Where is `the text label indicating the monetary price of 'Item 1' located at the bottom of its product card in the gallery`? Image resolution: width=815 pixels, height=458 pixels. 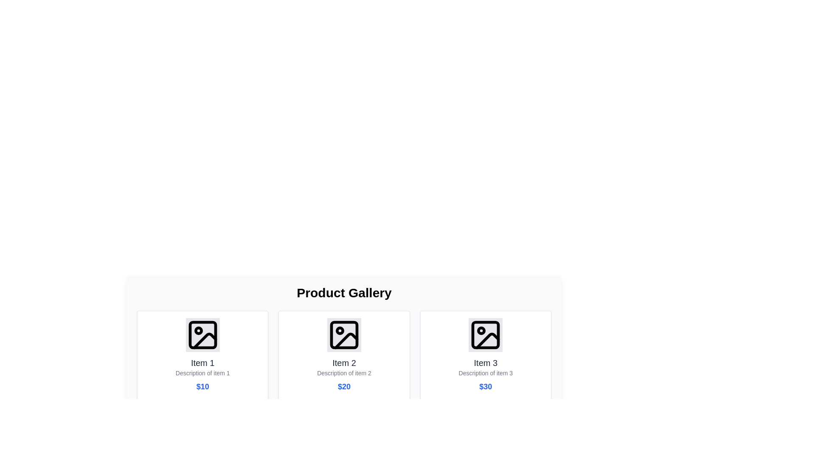
the text label indicating the monetary price of 'Item 1' located at the bottom of its product card in the gallery is located at coordinates (202, 386).